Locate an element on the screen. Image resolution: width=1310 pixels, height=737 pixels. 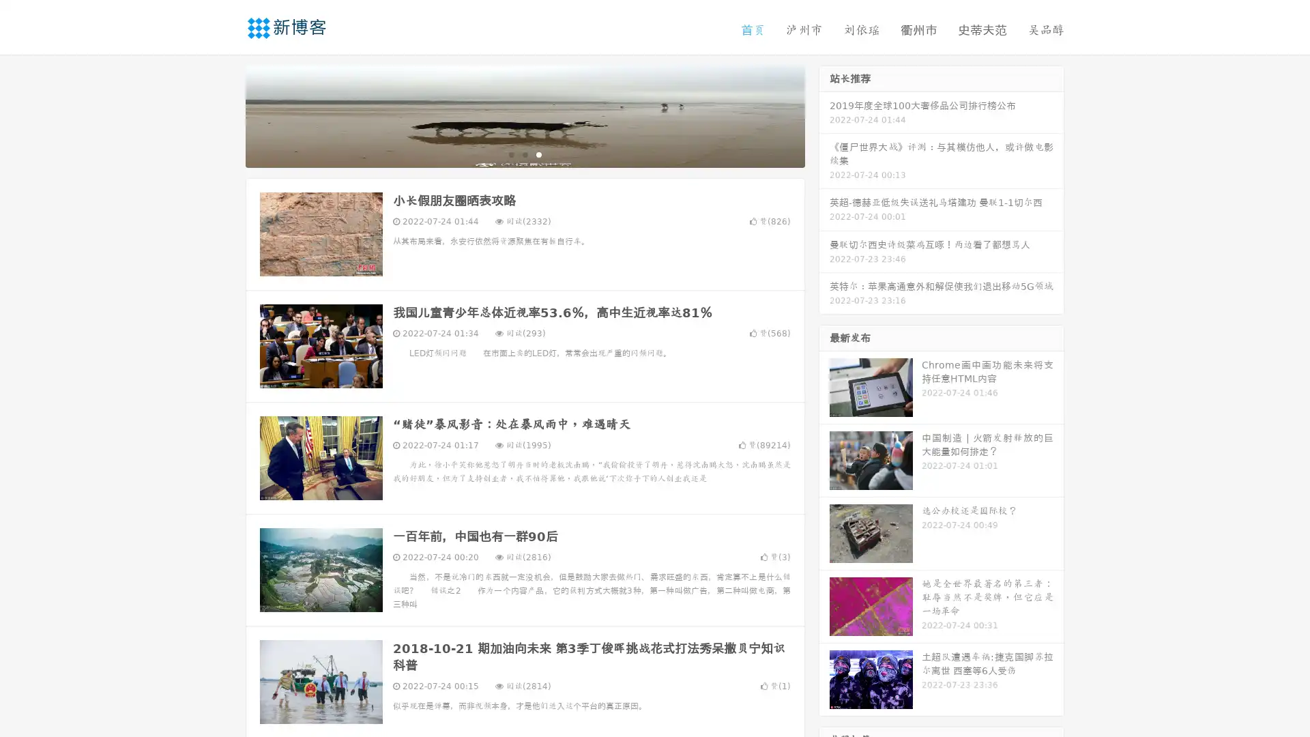
Go to slide 1 is located at coordinates (510, 154).